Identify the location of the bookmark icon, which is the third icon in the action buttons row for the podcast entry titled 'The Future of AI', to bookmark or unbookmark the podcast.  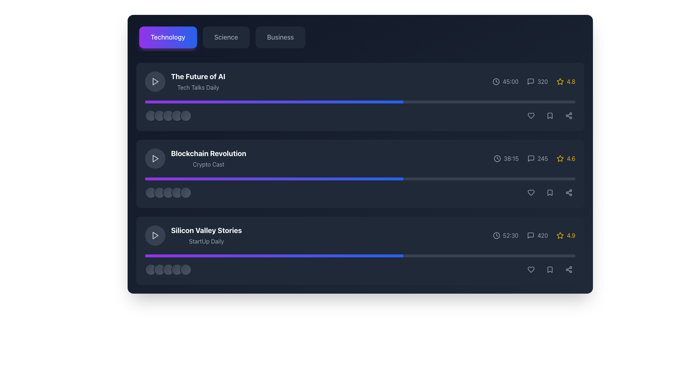
(550, 115).